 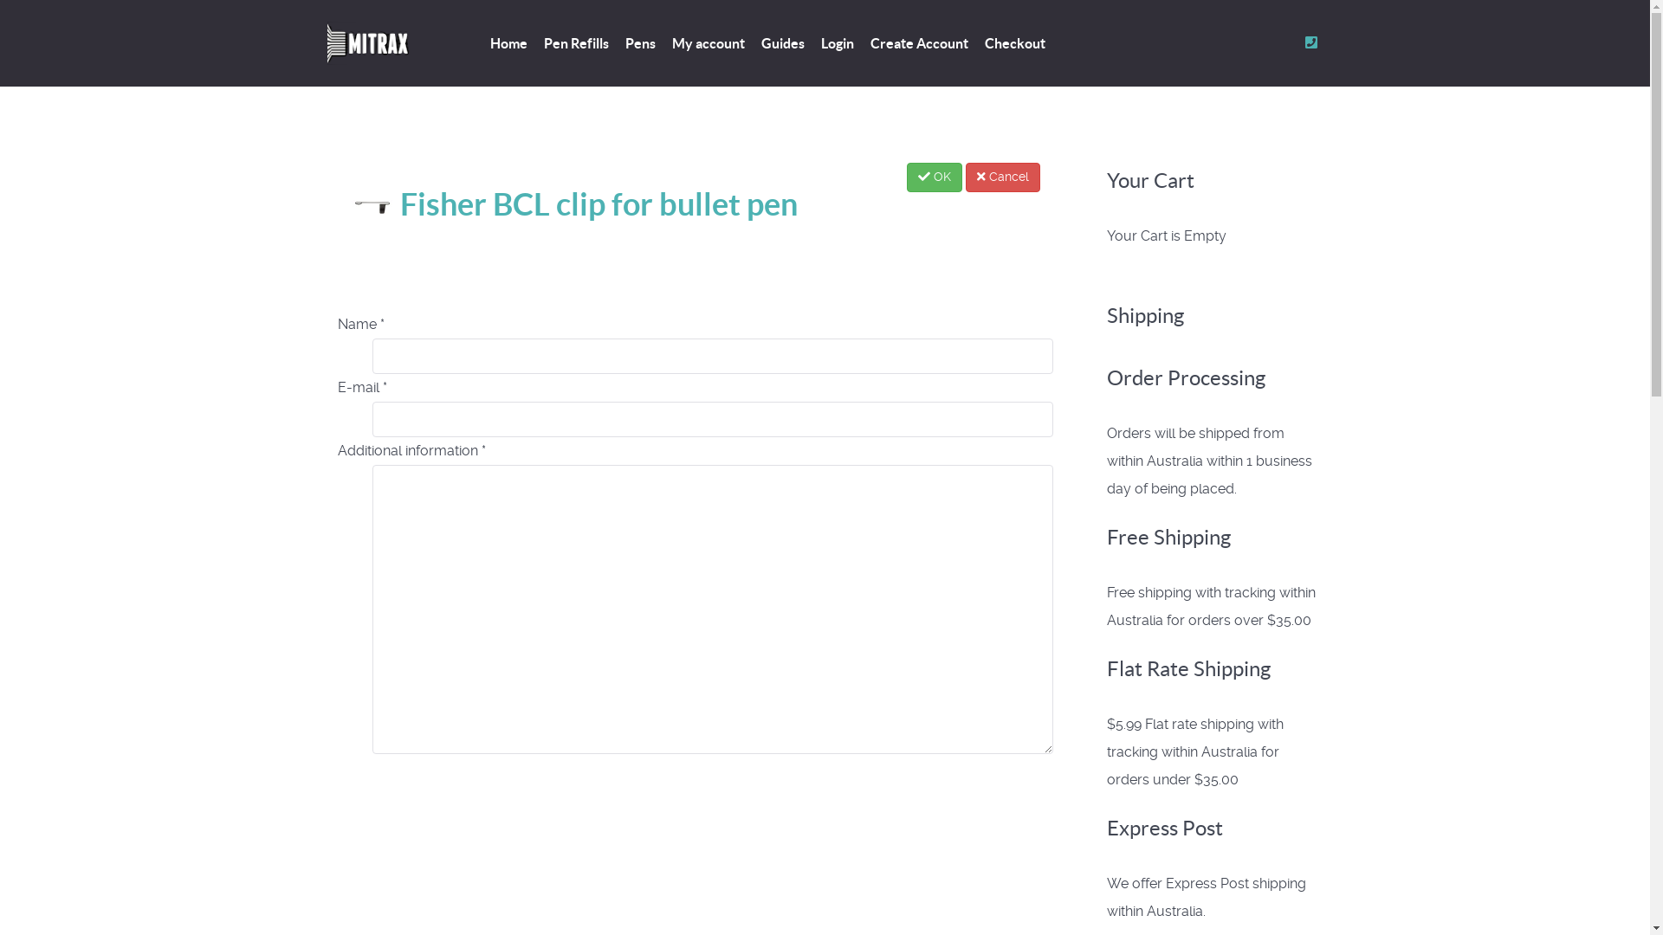 What do you see at coordinates (639, 43) in the screenshot?
I see `'Pens'` at bounding box center [639, 43].